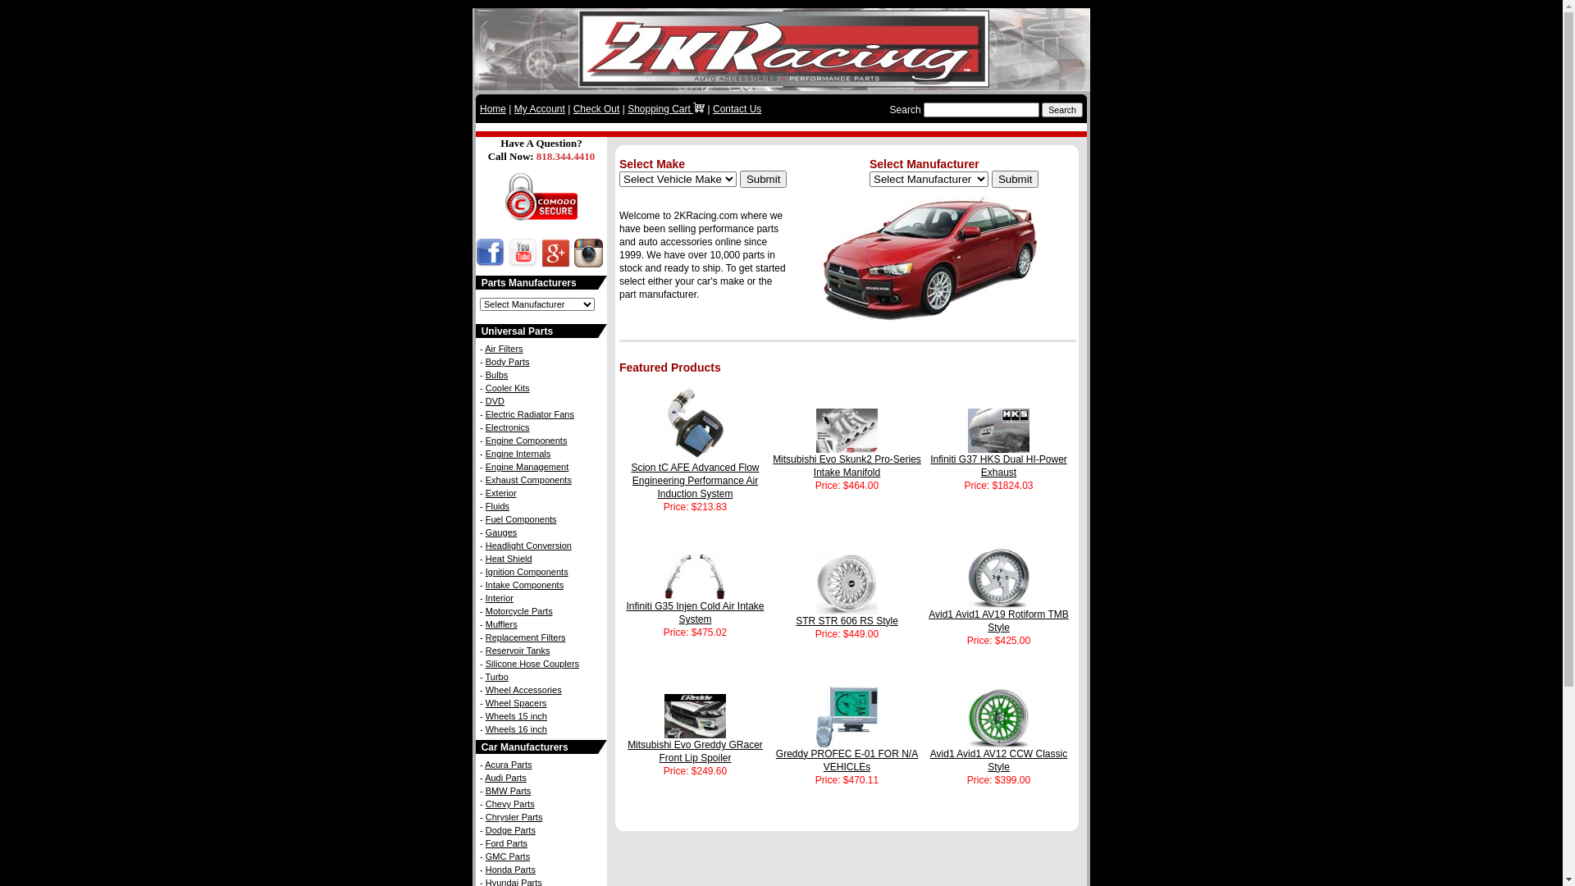 This screenshot has width=1575, height=886. What do you see at coordinates (530, 413) in the screenshot?
I see `'Electric Radiator Fans'` at bounding box center [530, 413].